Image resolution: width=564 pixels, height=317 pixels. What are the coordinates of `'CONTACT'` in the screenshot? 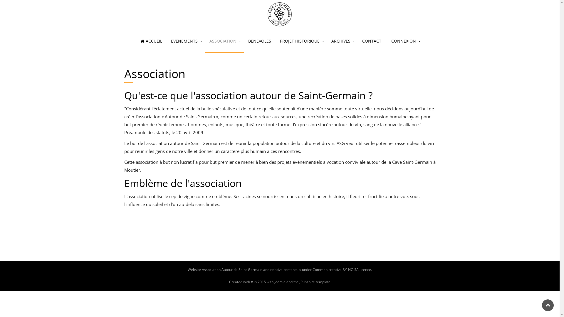 It's located at (371, 41).